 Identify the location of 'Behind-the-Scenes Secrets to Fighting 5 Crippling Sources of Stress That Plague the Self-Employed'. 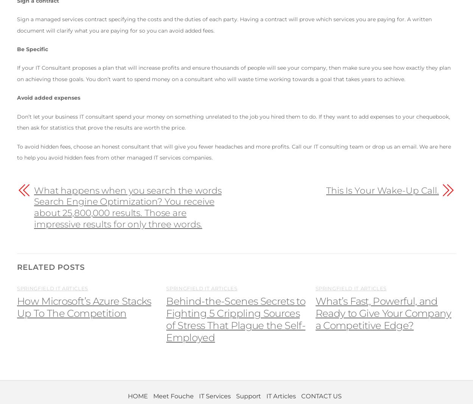
(235, 319).